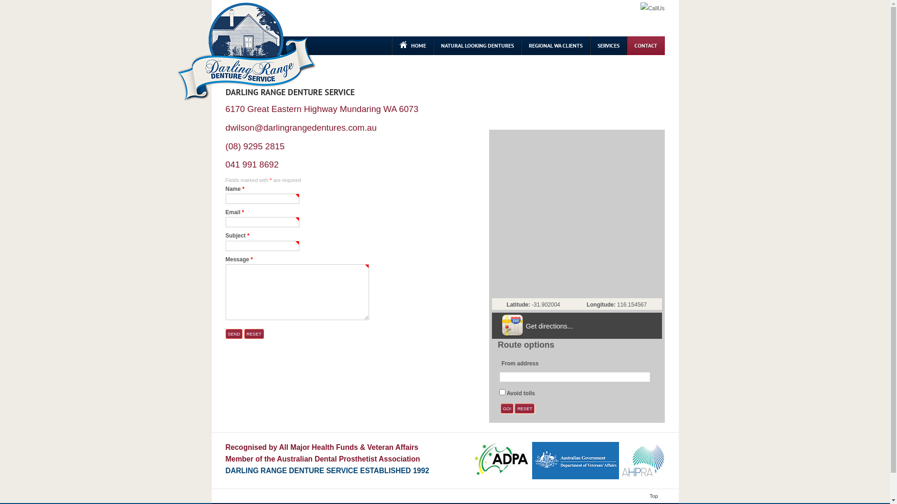 This screenshot has width=897, height=504. I want to click on 'Subject', so click(225, 245).